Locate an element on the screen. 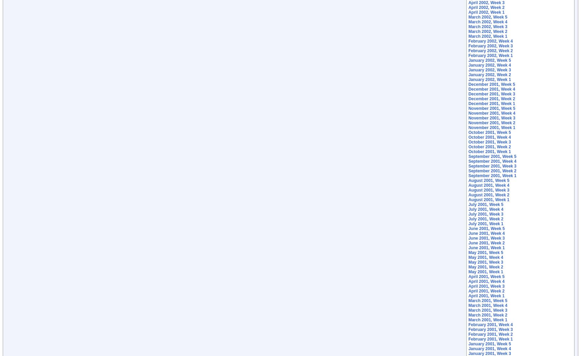  'April 2002, Week 3' is located at coordinates (468, 2).